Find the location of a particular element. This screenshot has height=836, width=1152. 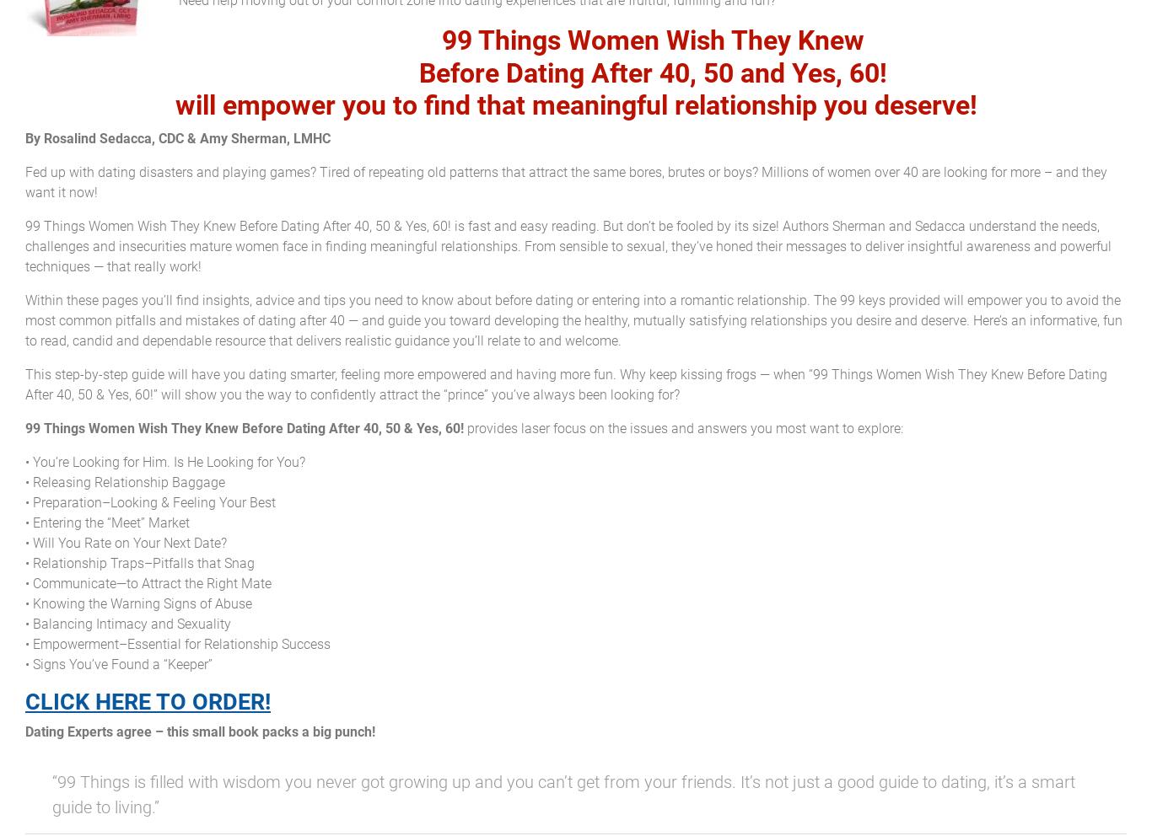

'• Knowing the Warning Signs of Abuse' is located at coordinates (137, 603).